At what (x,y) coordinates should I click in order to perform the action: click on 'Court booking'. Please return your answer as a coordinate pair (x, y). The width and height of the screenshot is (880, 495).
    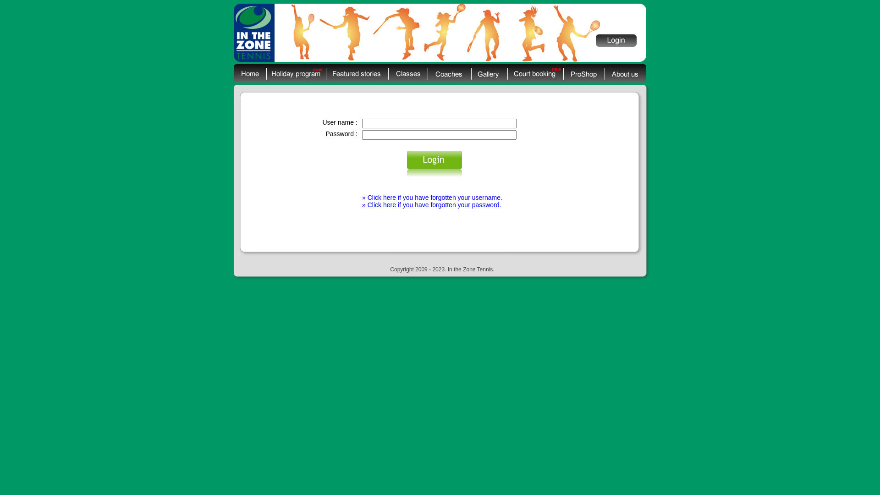
    Looking at the image, I should click on (535, 72).